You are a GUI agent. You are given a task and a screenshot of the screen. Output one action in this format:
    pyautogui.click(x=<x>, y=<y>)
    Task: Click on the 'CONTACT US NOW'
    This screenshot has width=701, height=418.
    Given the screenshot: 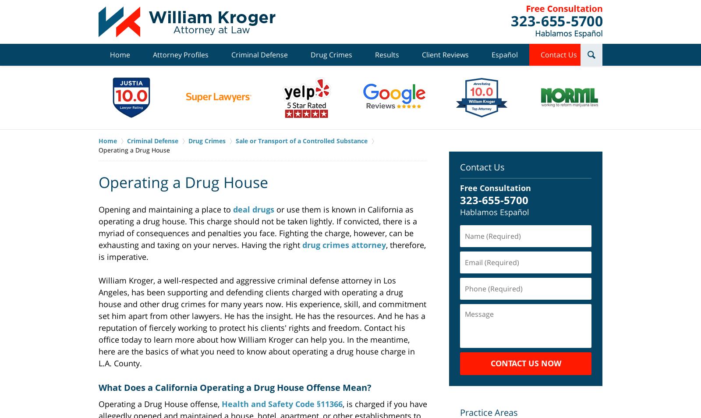 What is the action you would take?
    pyautogui.click(x=525, y=362)
    